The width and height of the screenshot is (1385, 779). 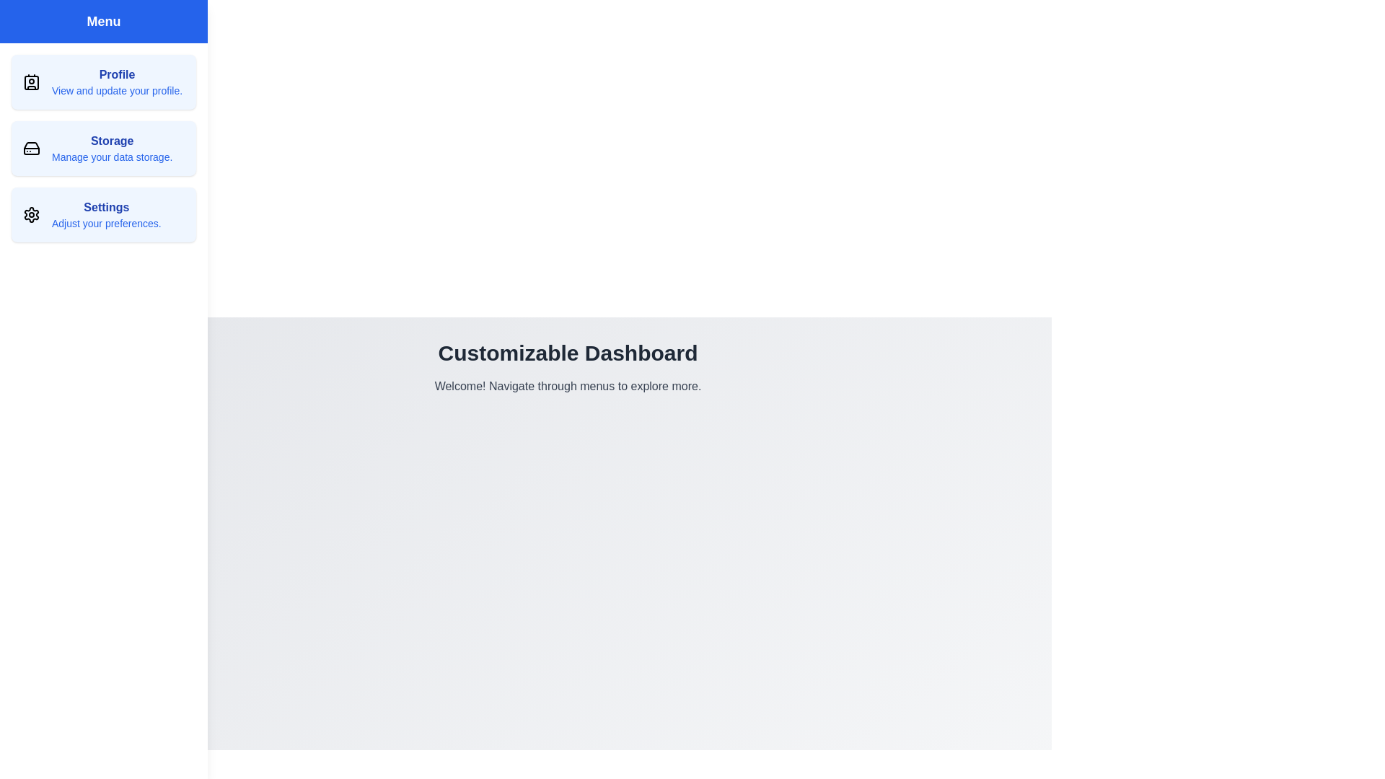 I want to click on the menu item Settings, so click(x=103, y=214).